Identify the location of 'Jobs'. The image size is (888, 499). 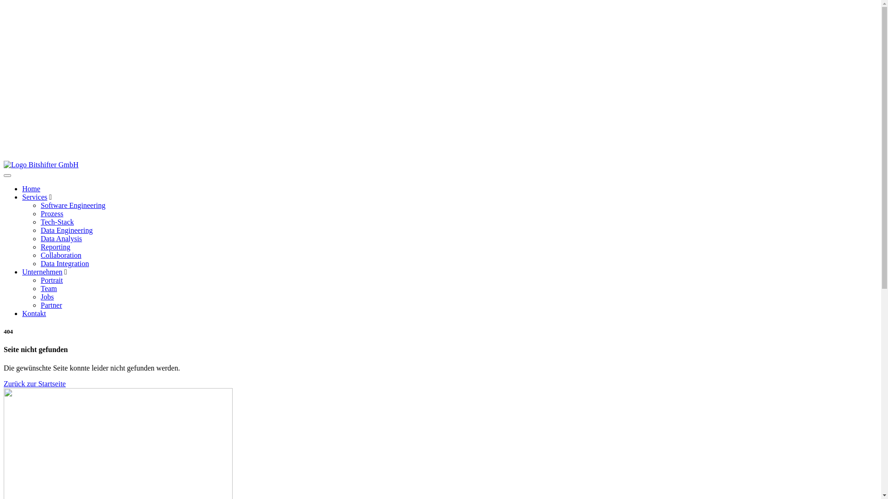
(46, 297).